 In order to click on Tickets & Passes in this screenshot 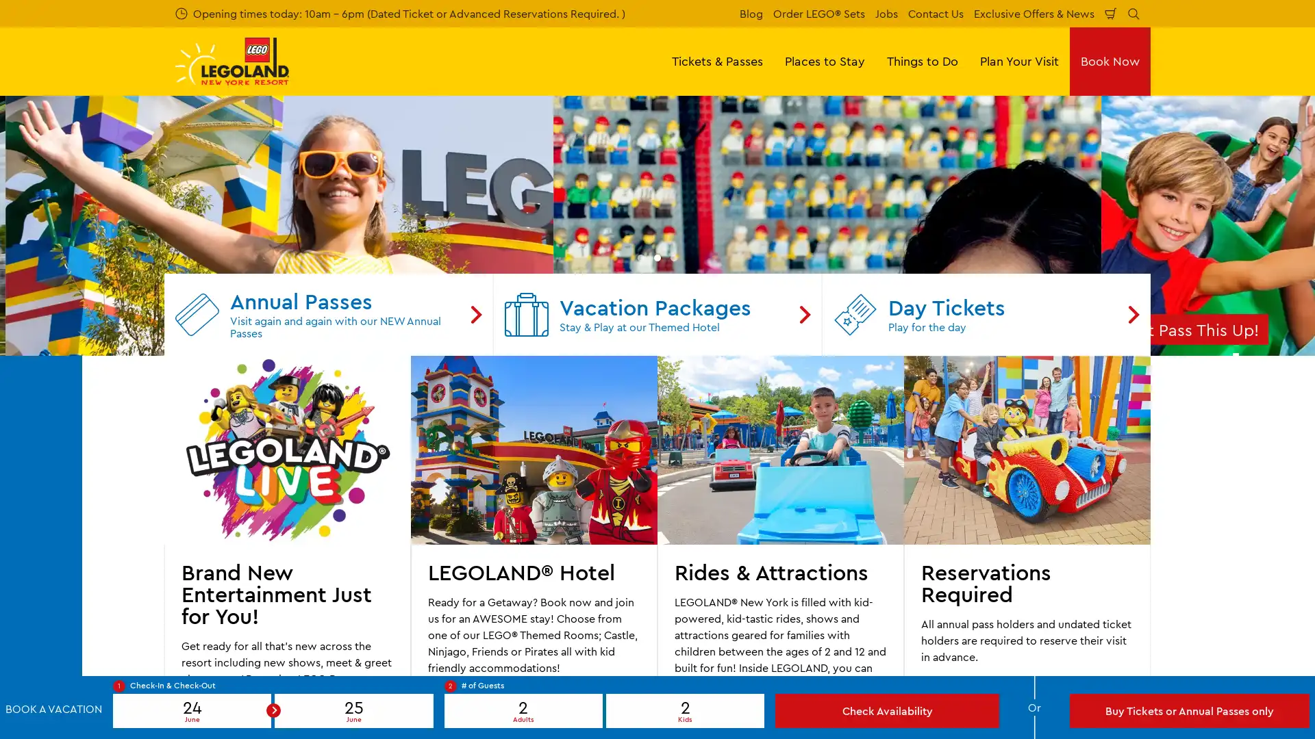, I will do `click(716, 60)`.